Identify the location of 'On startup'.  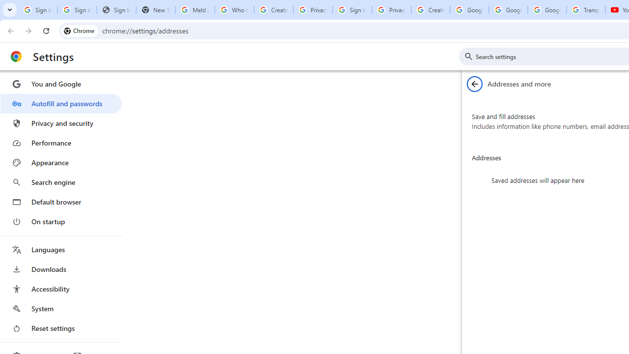
(60, 222).